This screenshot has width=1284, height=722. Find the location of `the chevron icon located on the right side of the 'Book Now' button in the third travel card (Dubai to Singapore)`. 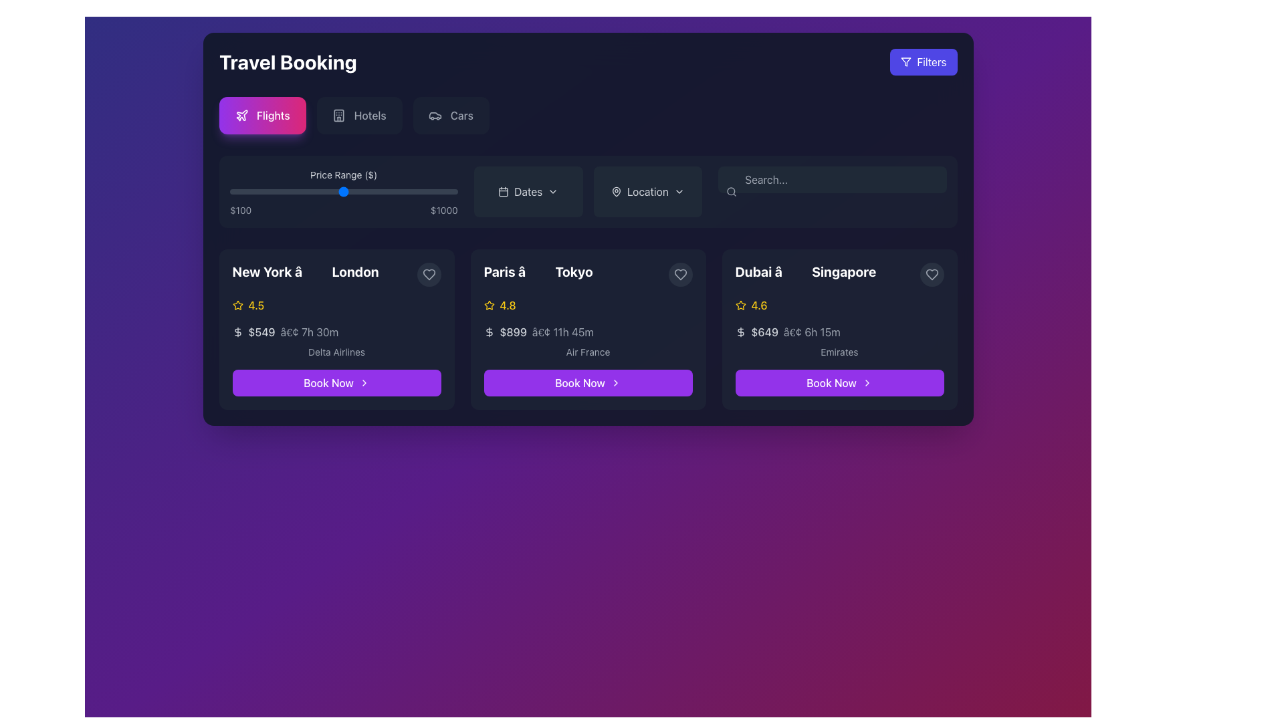

the chevron icon located on the right side of the 'Book Now' button in the third travel card (Dubai to Singapore) is located at coordinates (867, 383).